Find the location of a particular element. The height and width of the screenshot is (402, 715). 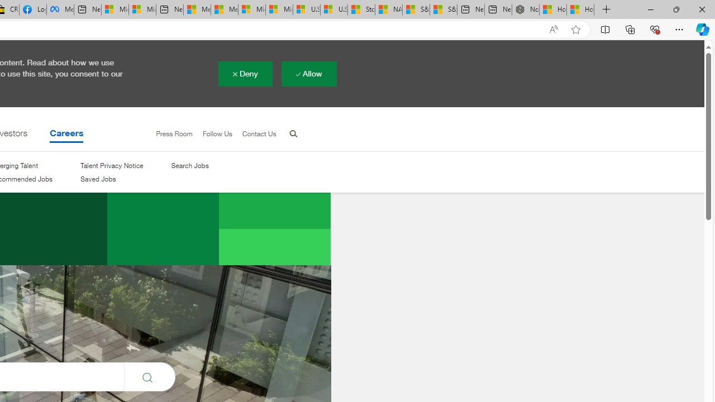

'S&P 500, Nasdaq end lower, weighed by Nvidia dip | Watch' is located at coordinates (443, 9).